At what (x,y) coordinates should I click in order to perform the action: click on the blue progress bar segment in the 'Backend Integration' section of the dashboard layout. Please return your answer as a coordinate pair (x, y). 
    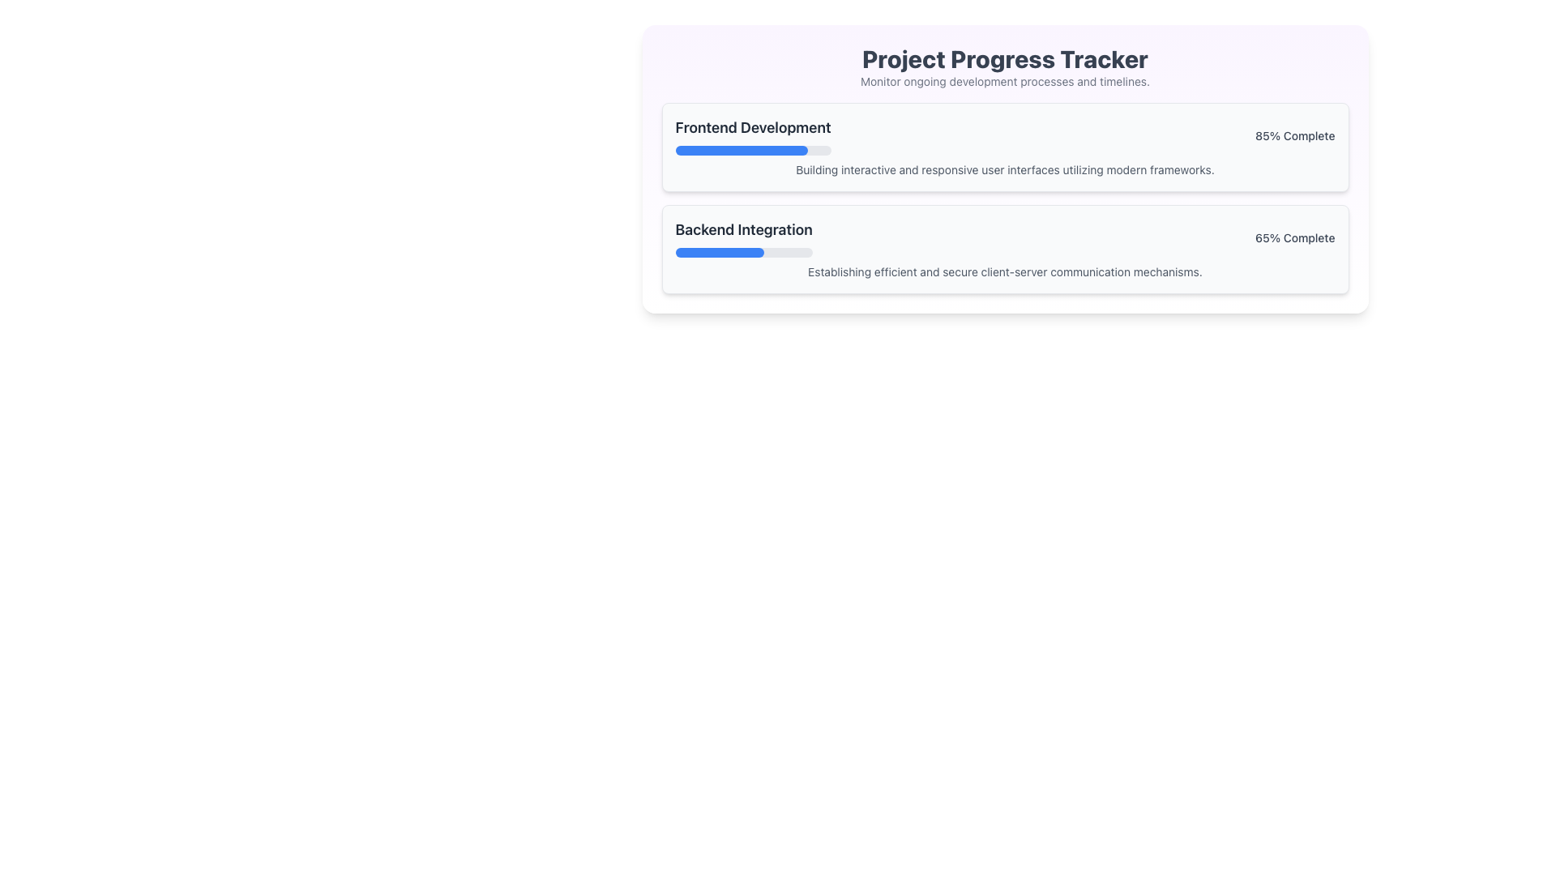
    Looking at the image, I should click on (719, 253).